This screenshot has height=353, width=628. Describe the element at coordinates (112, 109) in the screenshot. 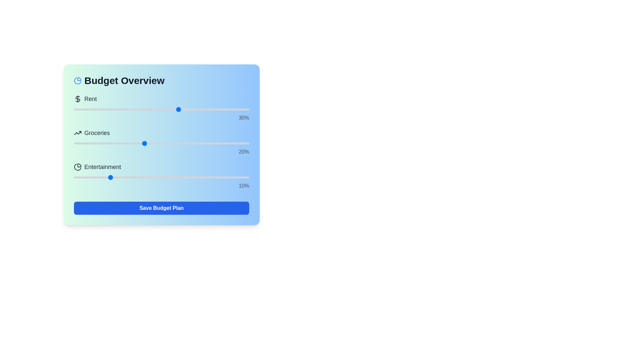

I see `the Rent budget allocation` at that location.